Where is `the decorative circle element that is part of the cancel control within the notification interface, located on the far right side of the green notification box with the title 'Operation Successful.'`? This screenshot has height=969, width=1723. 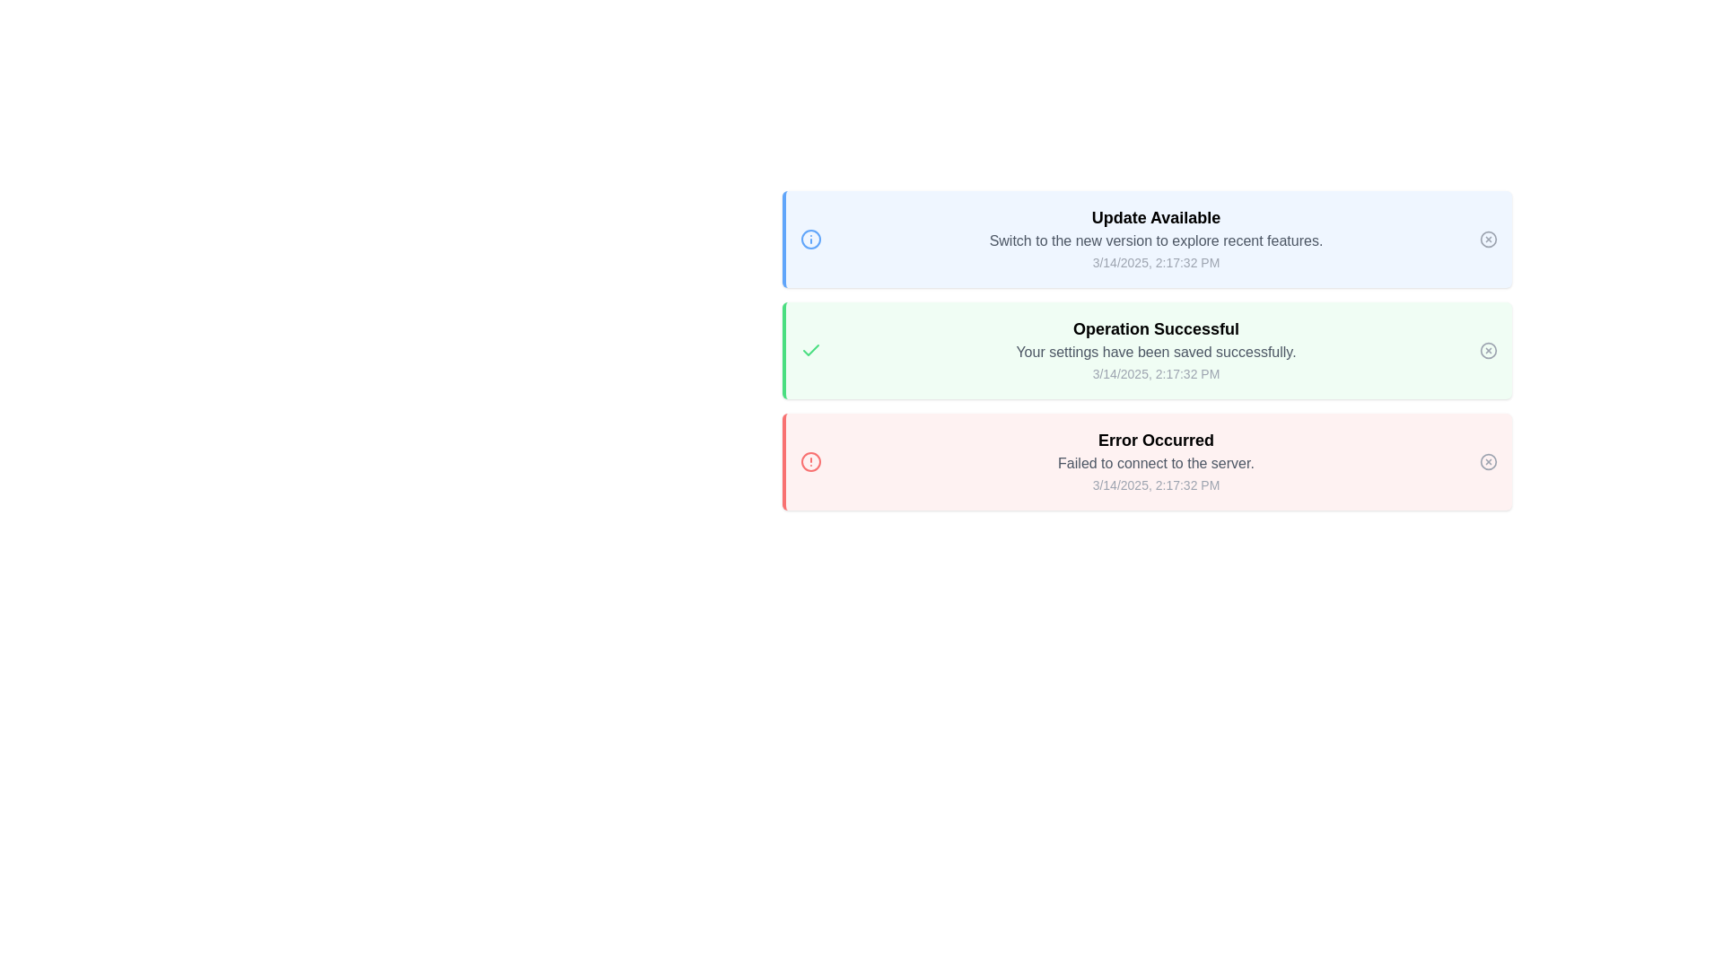
the decorative circle element that is part of the cancel control within the notification interface, located on the far right side of the green notification box with the title 'Operation Successful.' is located at coordinates (1489, 350).